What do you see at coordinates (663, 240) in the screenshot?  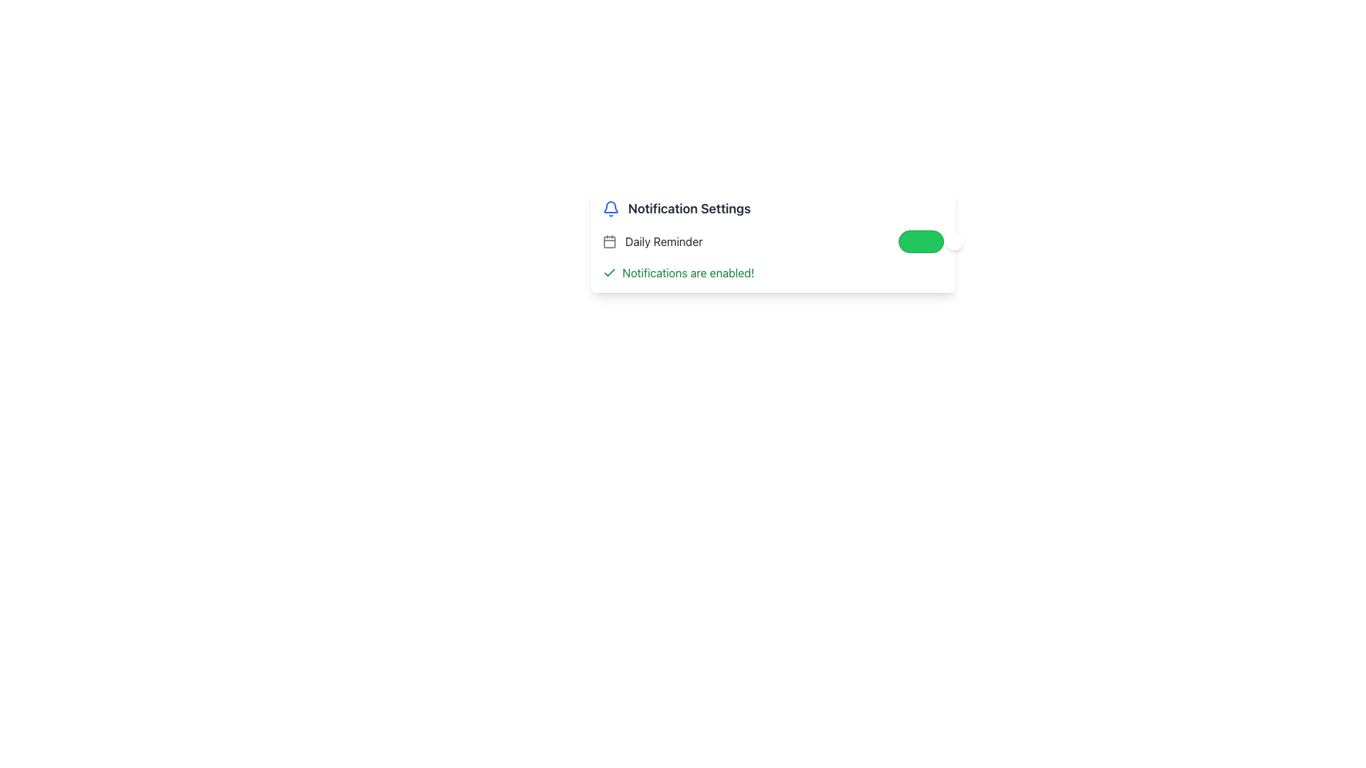 I see `the non-interactive text label that describes the reminder feature within the Notification Settings interface, located to the right of the calendar icon` at bounding box center [663, 240].